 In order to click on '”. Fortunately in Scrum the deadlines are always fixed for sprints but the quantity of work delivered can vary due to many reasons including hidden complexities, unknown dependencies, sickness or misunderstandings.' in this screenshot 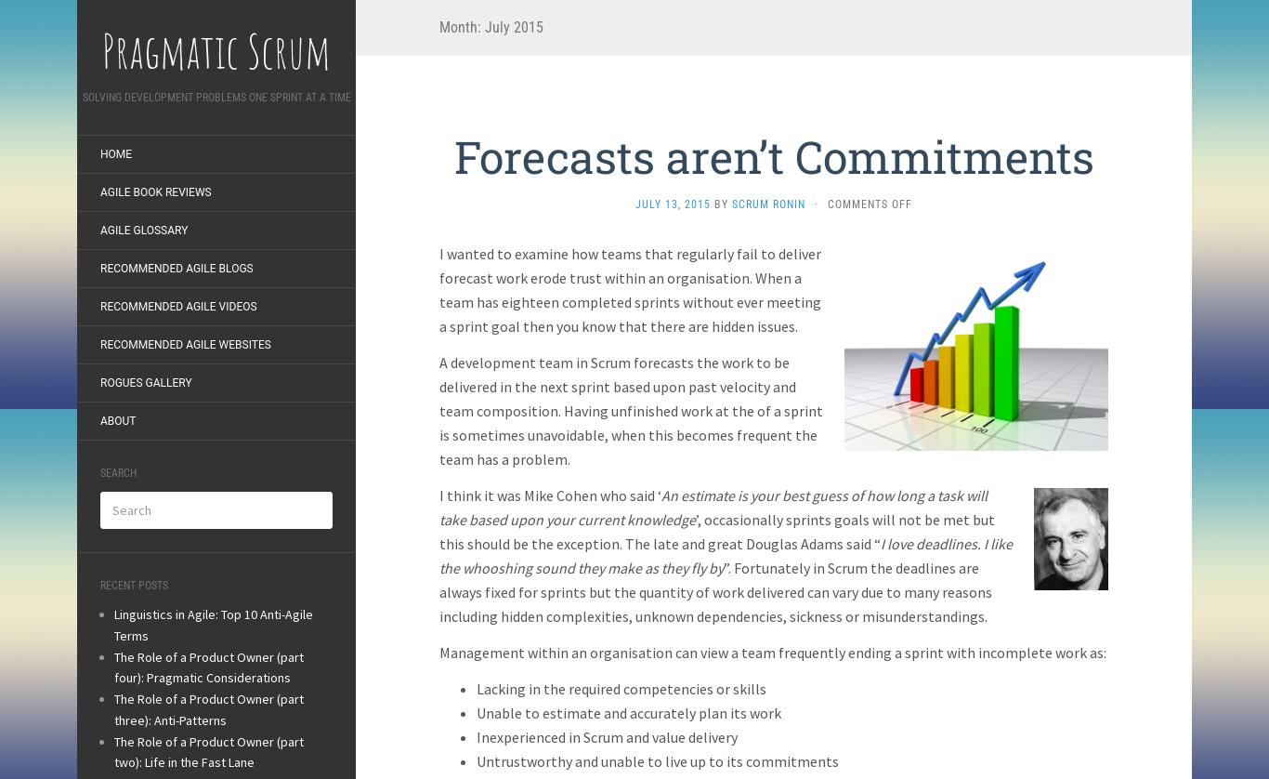, I will do `click(715, 590)`.